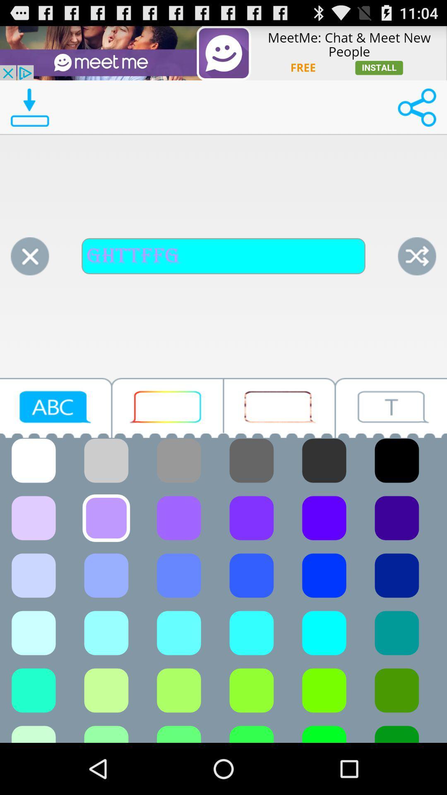 The width and height of the screenshot is (447, 795). I want to click on advertisement, so click(223, 53).